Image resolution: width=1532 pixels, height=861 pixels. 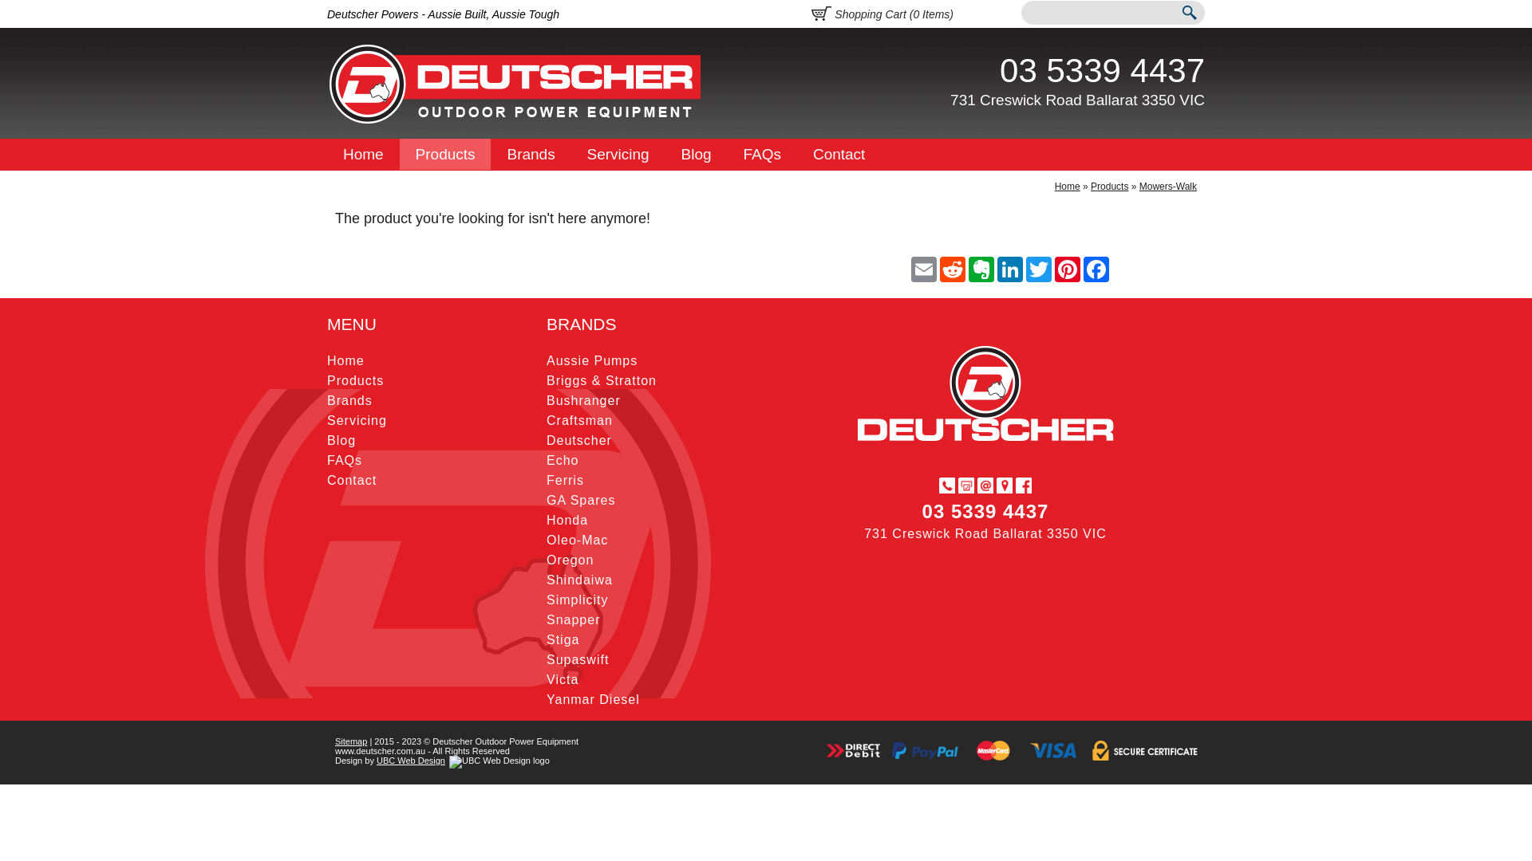 I want to click on 'Servicing', so click(x=356, y=419).